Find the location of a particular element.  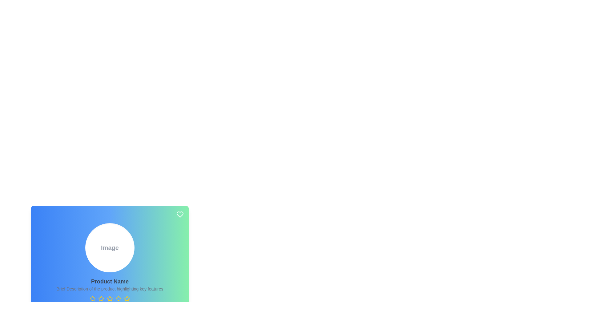

the fifth star icon to rate the item in the five-star rating system, located centrally at the bottom of the content card is located at coordinates (127, 298).